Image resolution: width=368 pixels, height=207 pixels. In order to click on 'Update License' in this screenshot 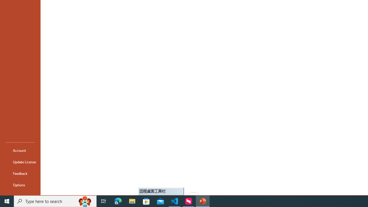, I will do `click(20, 162)`.